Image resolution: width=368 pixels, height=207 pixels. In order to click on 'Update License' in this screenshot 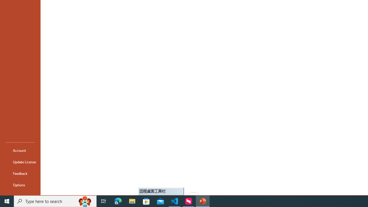, I will do `click(20, 162)`.